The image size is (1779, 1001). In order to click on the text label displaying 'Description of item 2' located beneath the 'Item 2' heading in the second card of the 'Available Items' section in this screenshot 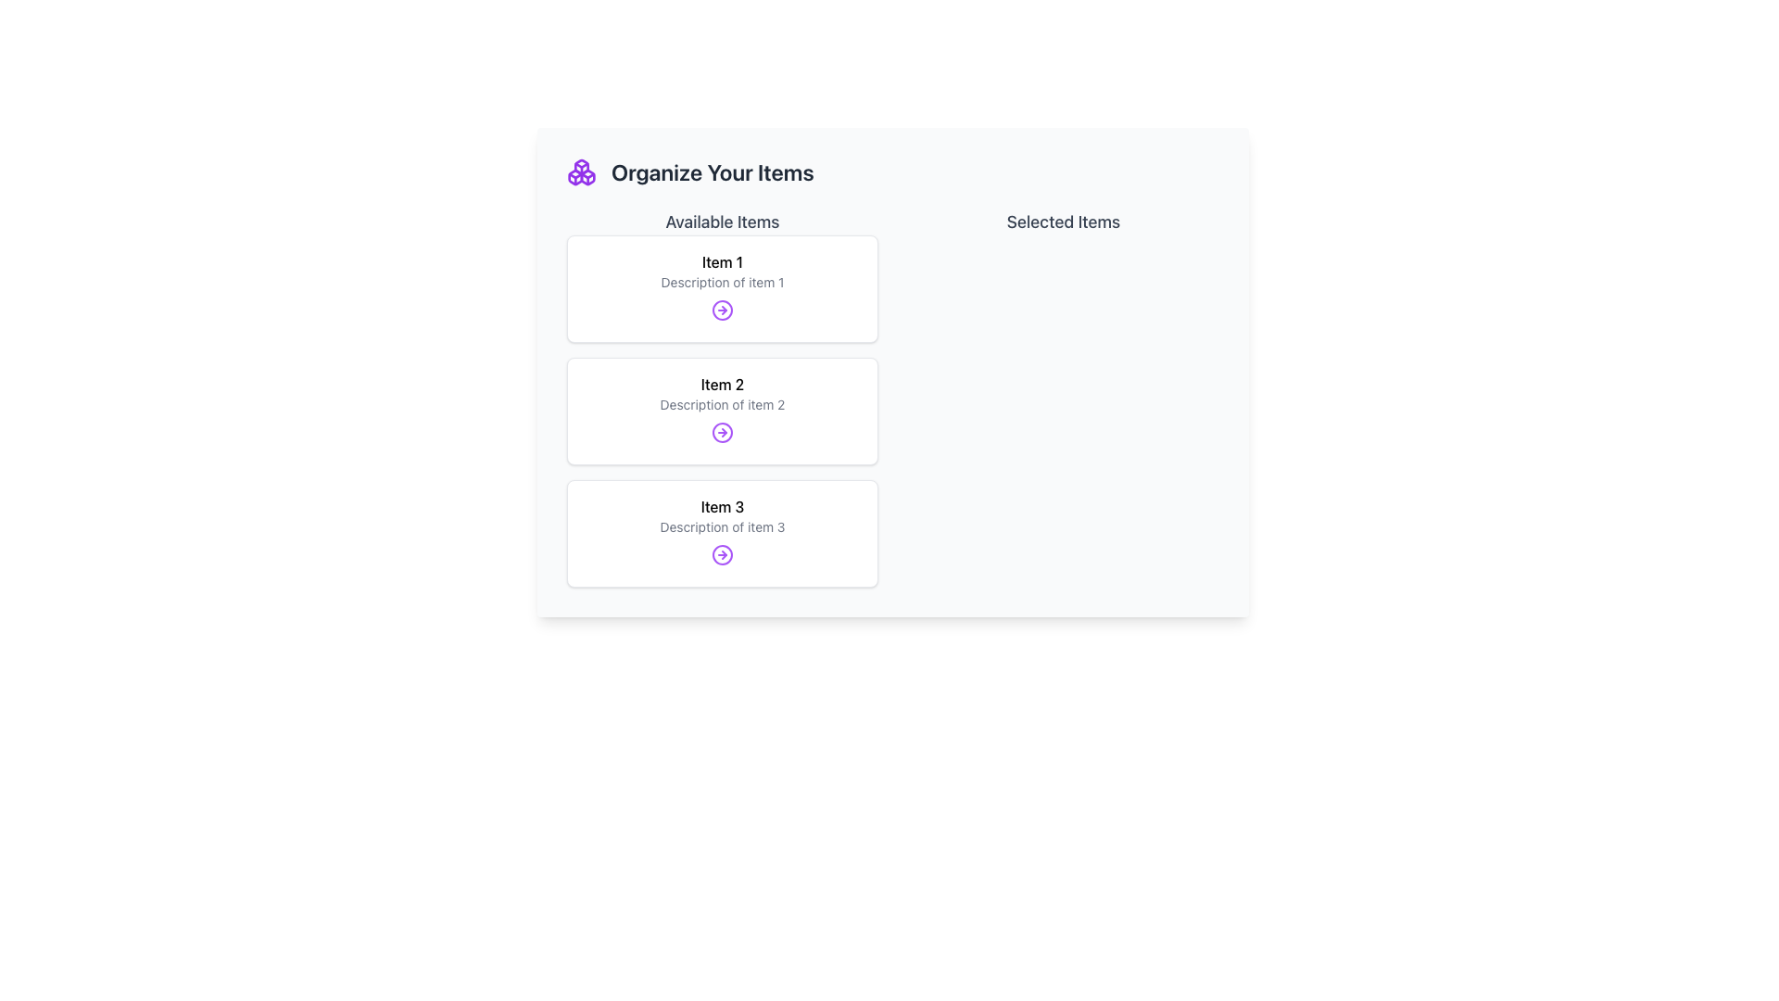, I will do `click(721, 403)`.